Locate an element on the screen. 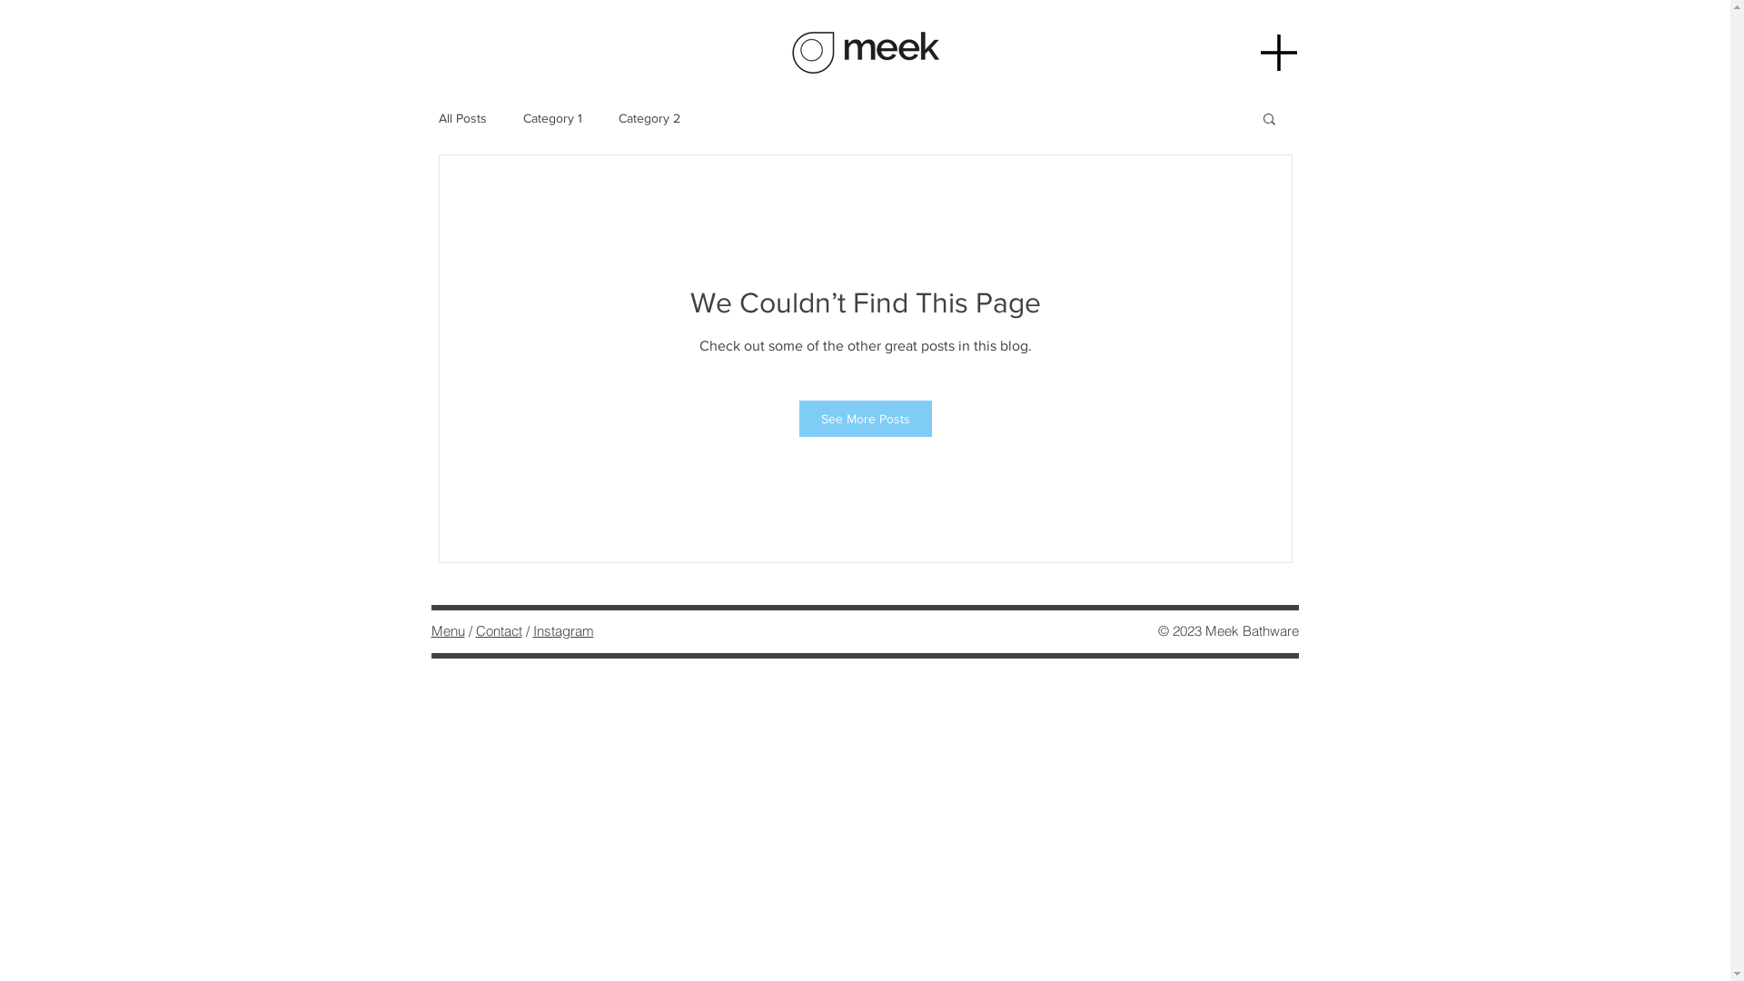  'Menu' is located at coordinates (447, 629).